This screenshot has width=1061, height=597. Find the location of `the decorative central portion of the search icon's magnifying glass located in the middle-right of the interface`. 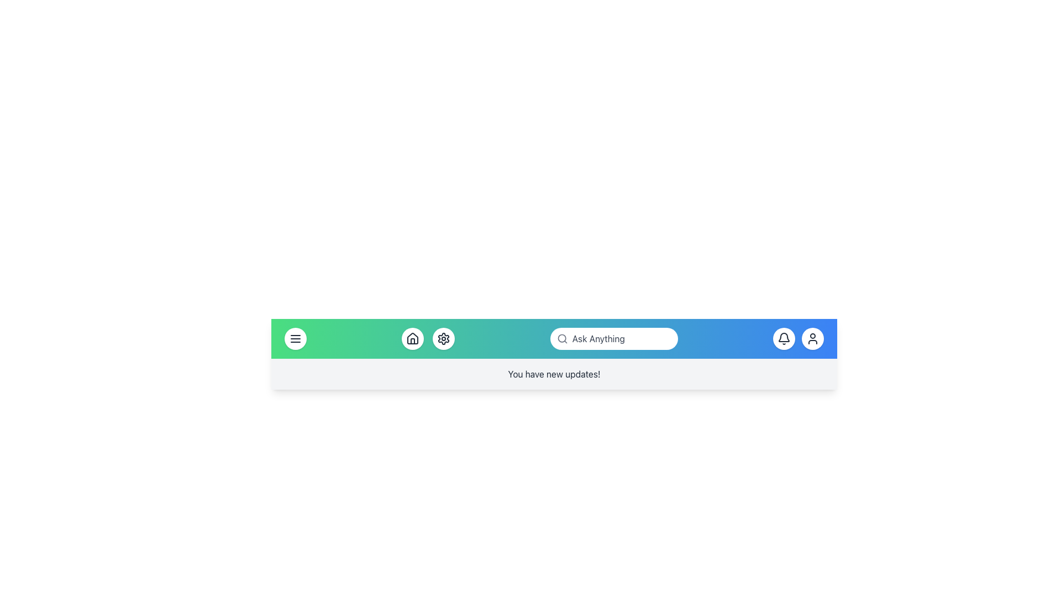

the decorative central portion of the search icon's magnifying glass located in the middle-right of the interface is located at coordinates (561, 338).